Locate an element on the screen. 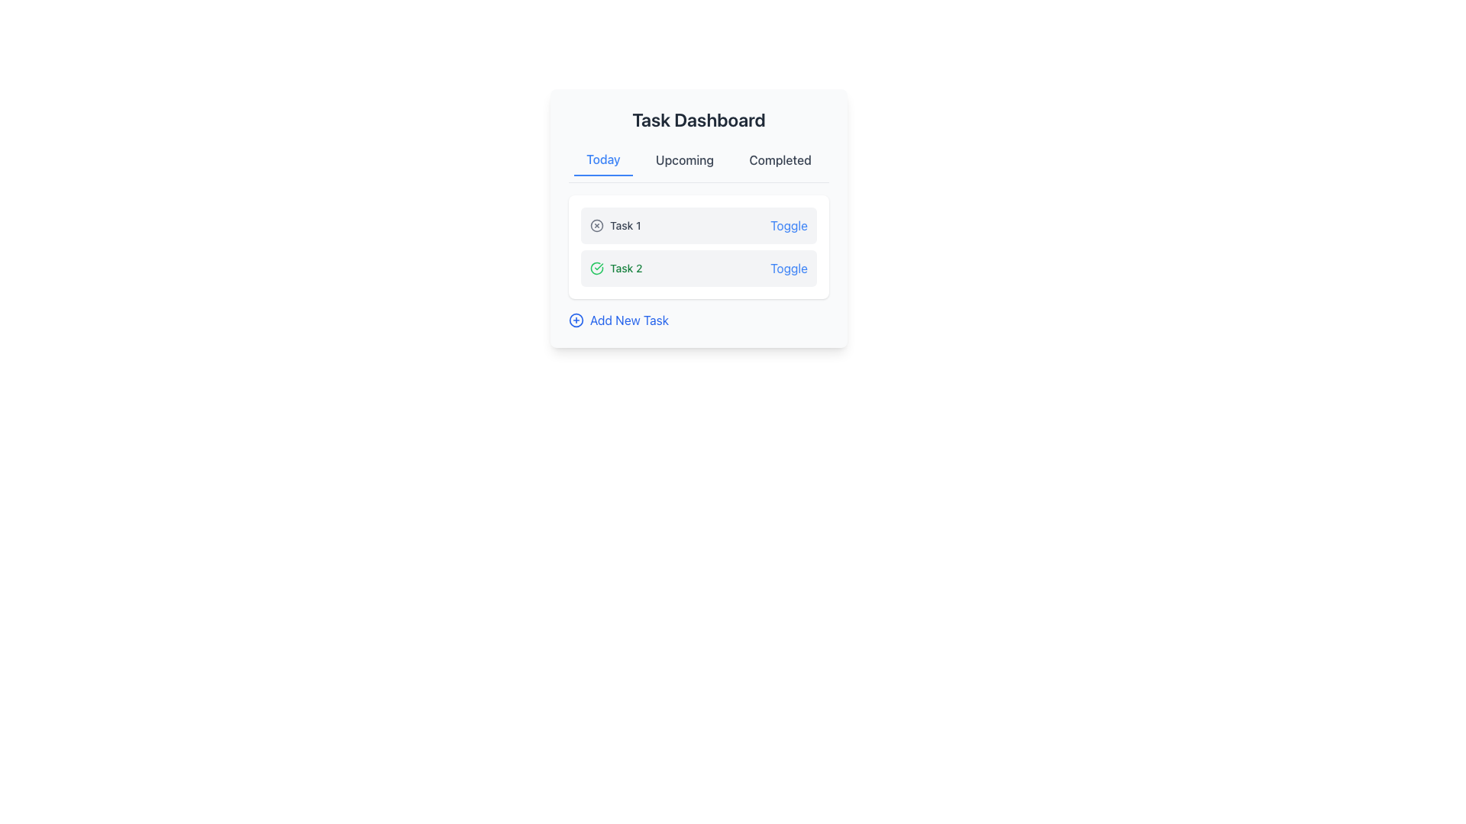 Image resolution: width=1466 pixels, height=824 pixels. the 'Completed' tasks button in the navigation menu is located at coordinates (780, 159).